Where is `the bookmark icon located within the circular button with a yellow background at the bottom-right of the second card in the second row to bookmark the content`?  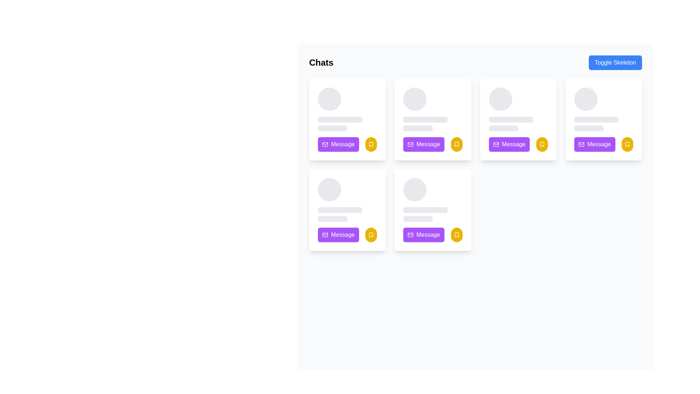
the bookmark icon located within the circular button with a yellow background at the bottom-right of the second card in the second row to bookmark the content is located at coordinates (371, 235).